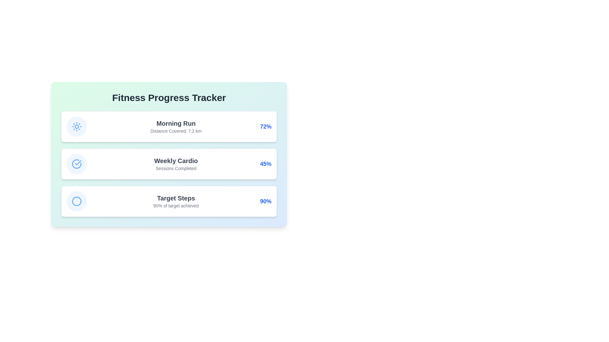 The height and width of the screenshot is (342, 609). Describe the element at coordinates (176, 127) in the screenshot. I see `the header displaying 'Morning Run' with the description 'Distance Covered: 7.2 km.' which is centrally aligned within its card layout, located to the right of a sun icon` at that location.